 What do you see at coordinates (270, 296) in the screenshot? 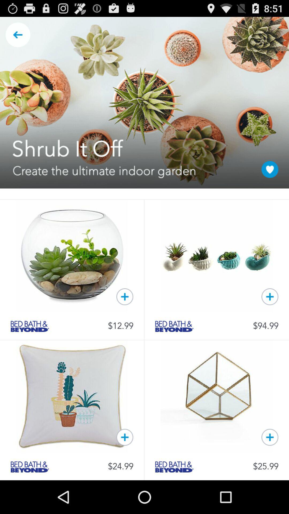
I see `item` at bounding box center [270, 296].